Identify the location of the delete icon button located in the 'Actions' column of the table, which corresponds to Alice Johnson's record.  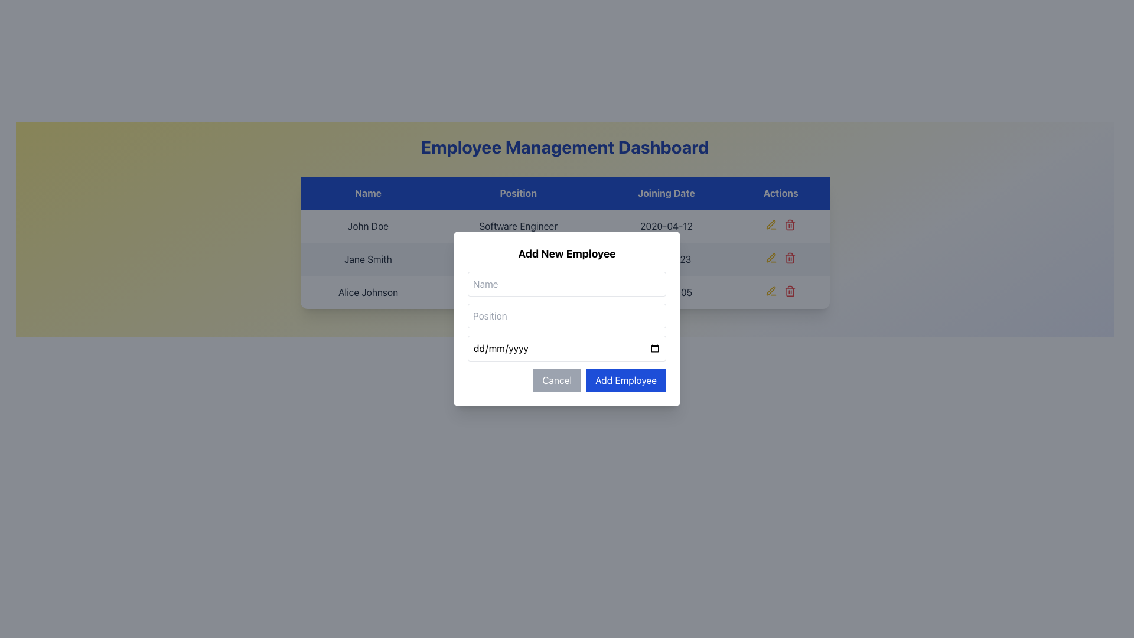
(790, 291).